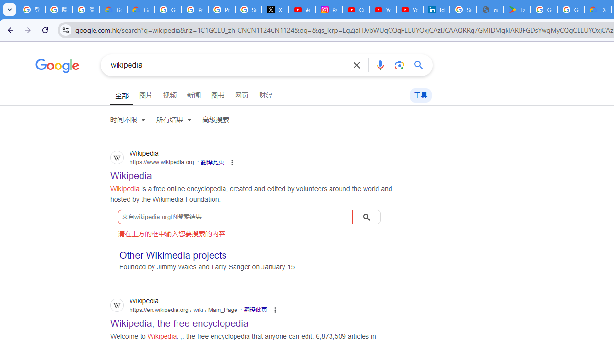 The width and height of the screenshot is (614, 345). Describe the element at coordinates (113, 10) in the screenshot. I see `'Google Cloud Privacy Notice'` at that location.